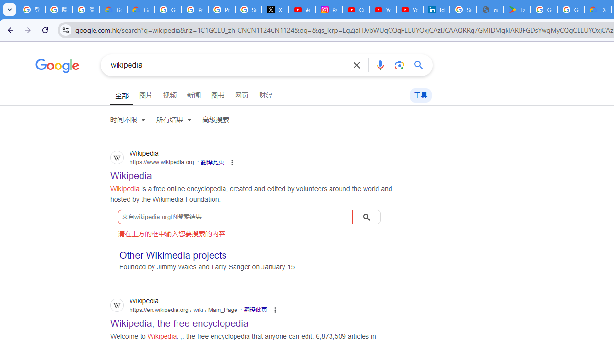 The width and height of the screenshot is (614, 345). Describe the element at coordinates (113, 10) in the screenshot. I see `'Google Cloud Privacy Notice'` at that location.